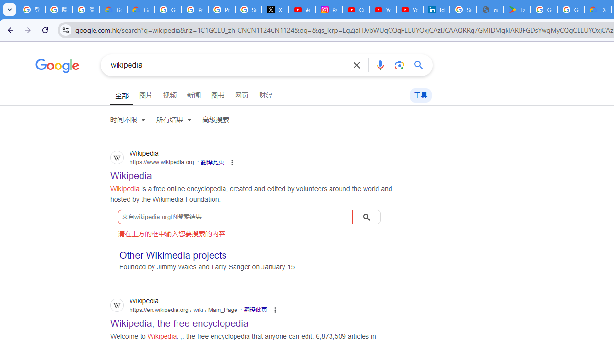 The width and height of the screenshot is (614, 345). Describe the element at coordinates (113, 10) in the screenshot. I see `'Google Cloud Privacy Notice'` at that location.